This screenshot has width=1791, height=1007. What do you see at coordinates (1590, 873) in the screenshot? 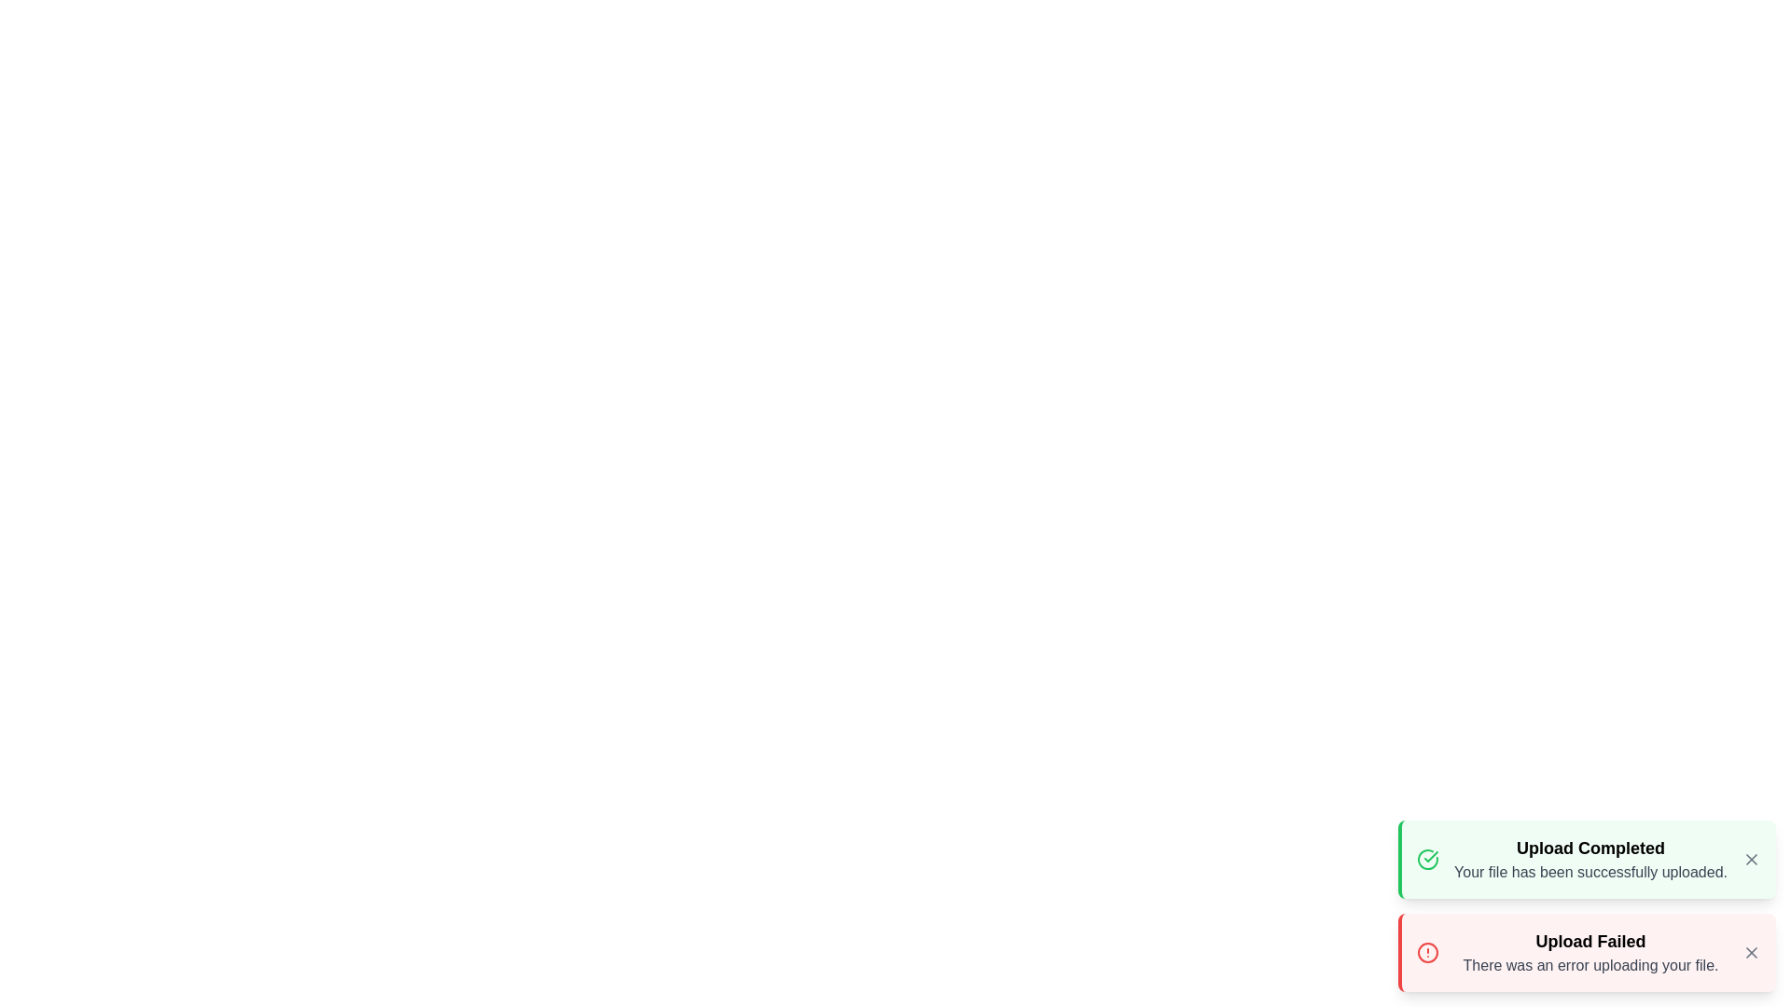
I see `message displayed in the notification box labeled 'Upload Completed', which confirms the successful upload of the user's file` at bounding box center [1590, 873].